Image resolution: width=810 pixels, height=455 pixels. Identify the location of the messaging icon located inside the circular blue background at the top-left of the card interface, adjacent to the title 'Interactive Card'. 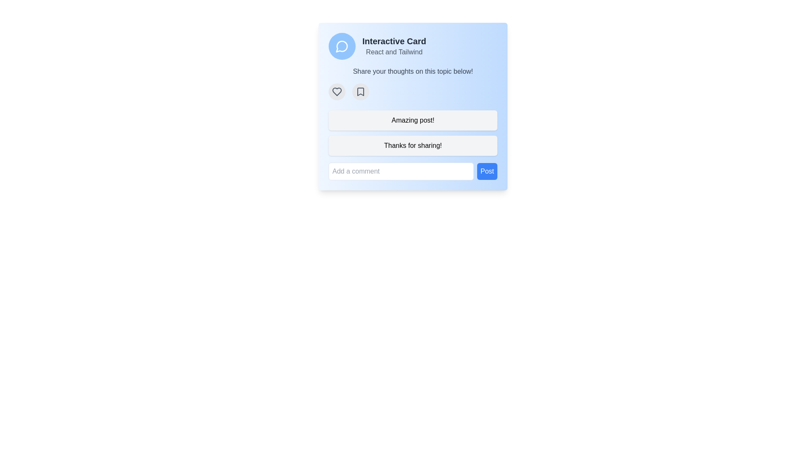
(342, 46).